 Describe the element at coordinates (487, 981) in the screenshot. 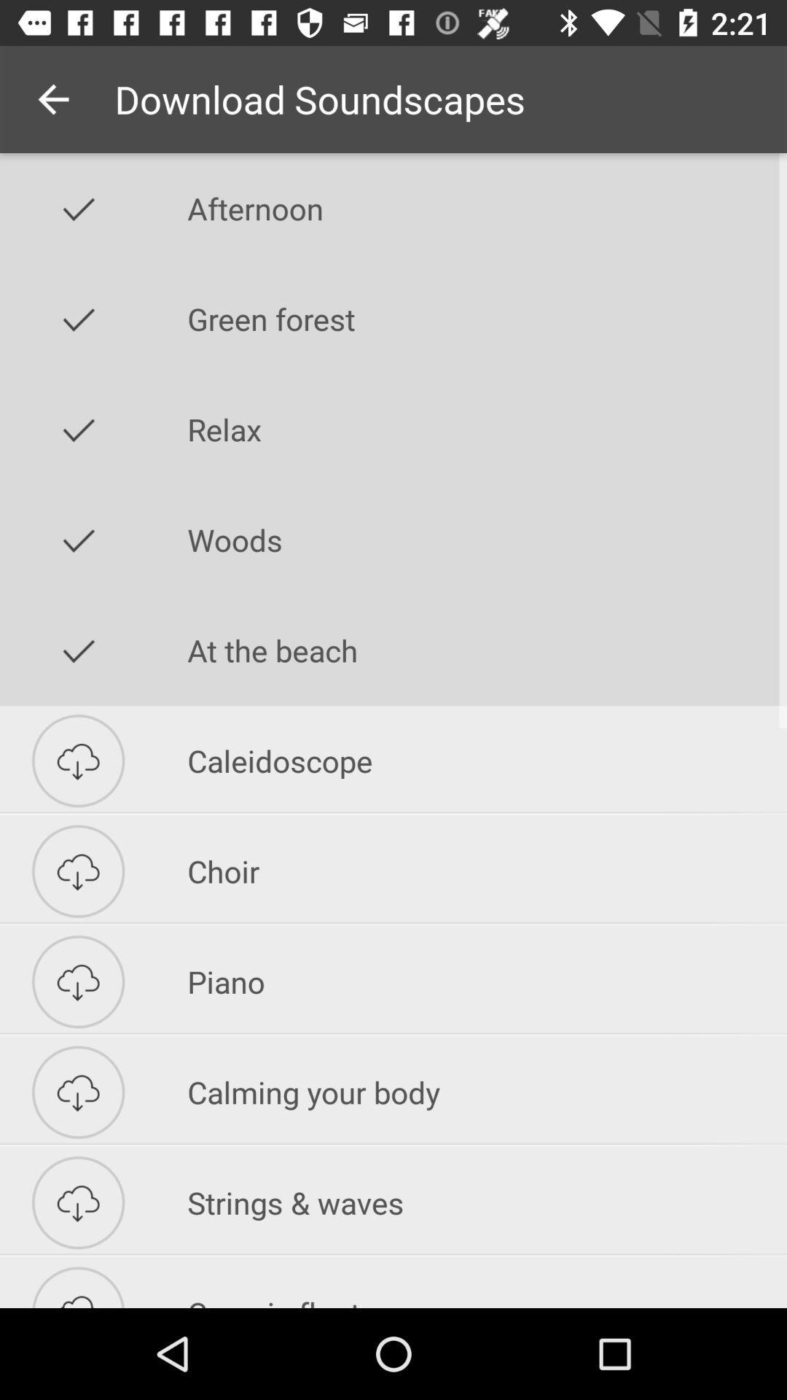

I see `icon above the calming your body icon` at that location.